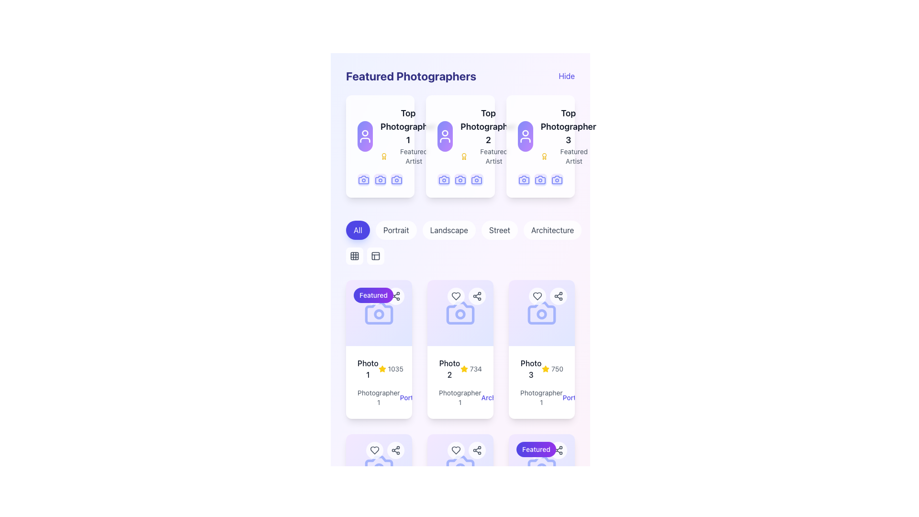  I want to click on the circular user icon in white color, which is located in the top-left card of the 'Featured Photographers' section, representing 'Top Photographer 1', so click(365, 136).